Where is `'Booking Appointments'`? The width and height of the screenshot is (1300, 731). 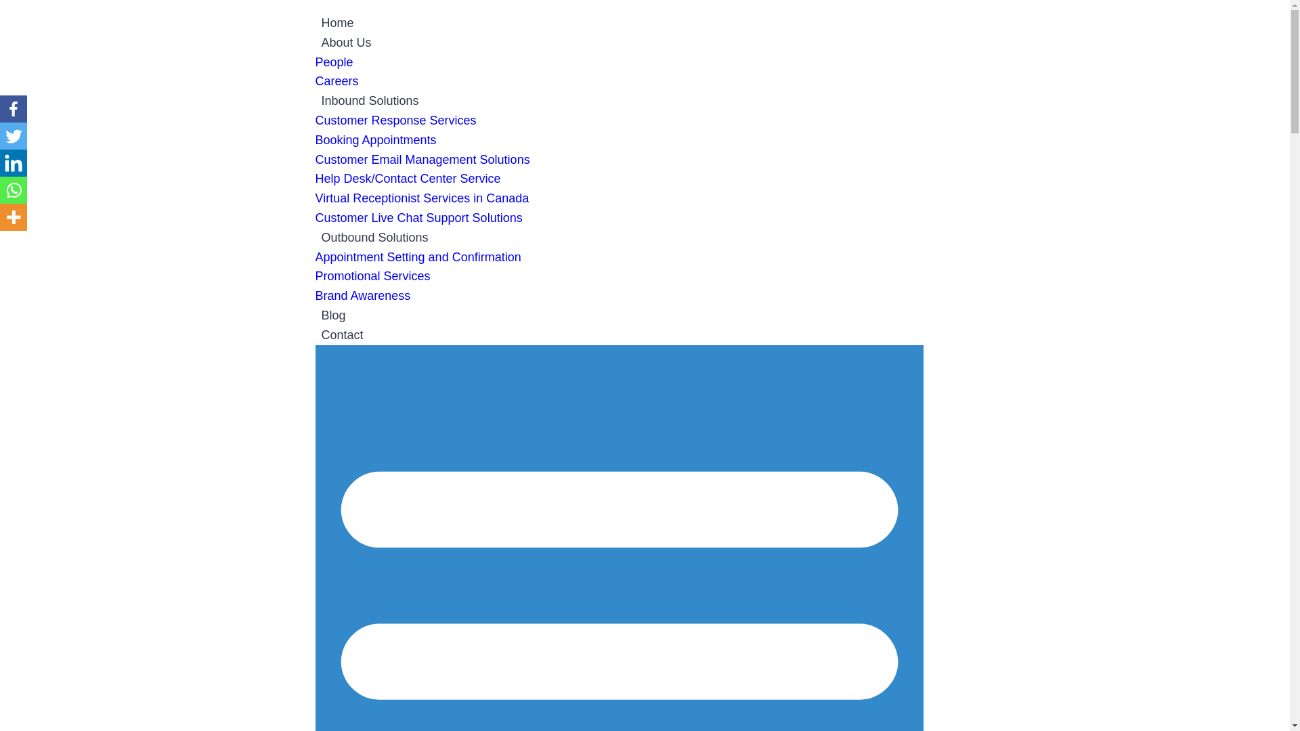
'Booking Appointments' is located at coordinates (376, 140).